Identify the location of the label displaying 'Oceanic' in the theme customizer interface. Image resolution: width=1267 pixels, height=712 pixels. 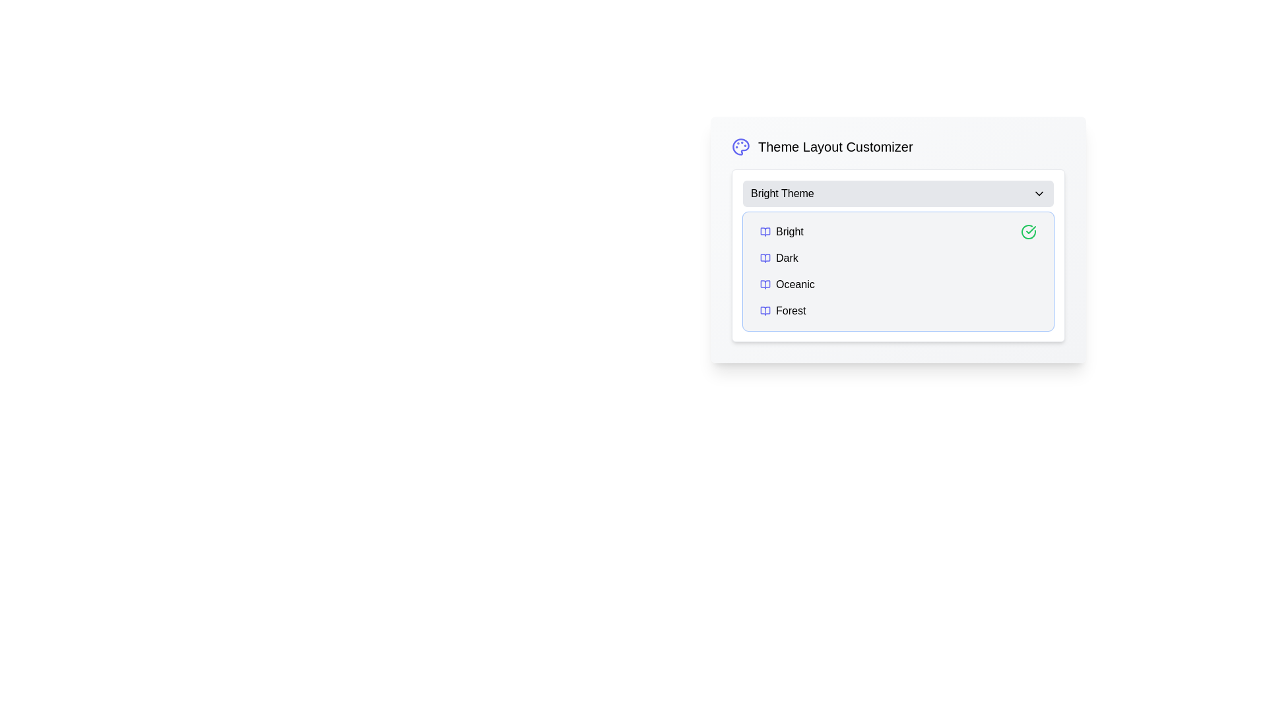
(795, 284).